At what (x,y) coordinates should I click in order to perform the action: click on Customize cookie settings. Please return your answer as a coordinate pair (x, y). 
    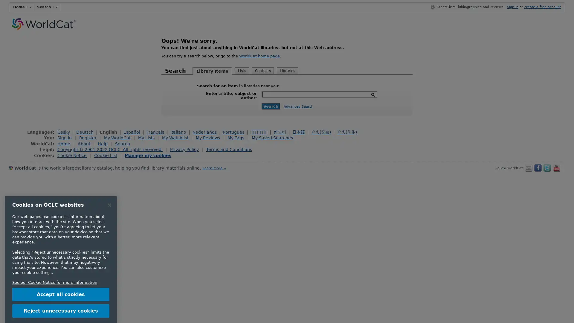
    Looking at the image, I should click on (61, 300).